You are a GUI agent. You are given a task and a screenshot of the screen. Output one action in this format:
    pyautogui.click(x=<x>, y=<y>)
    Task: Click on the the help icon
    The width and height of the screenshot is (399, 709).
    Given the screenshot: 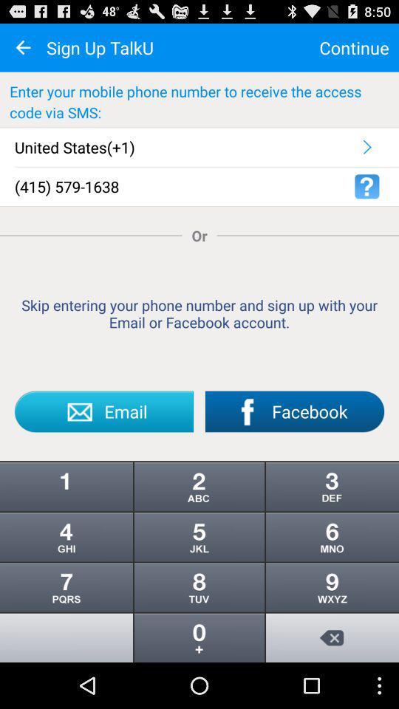 What is the action you would take?
    pyautogui.click(x=366, y=199)
    